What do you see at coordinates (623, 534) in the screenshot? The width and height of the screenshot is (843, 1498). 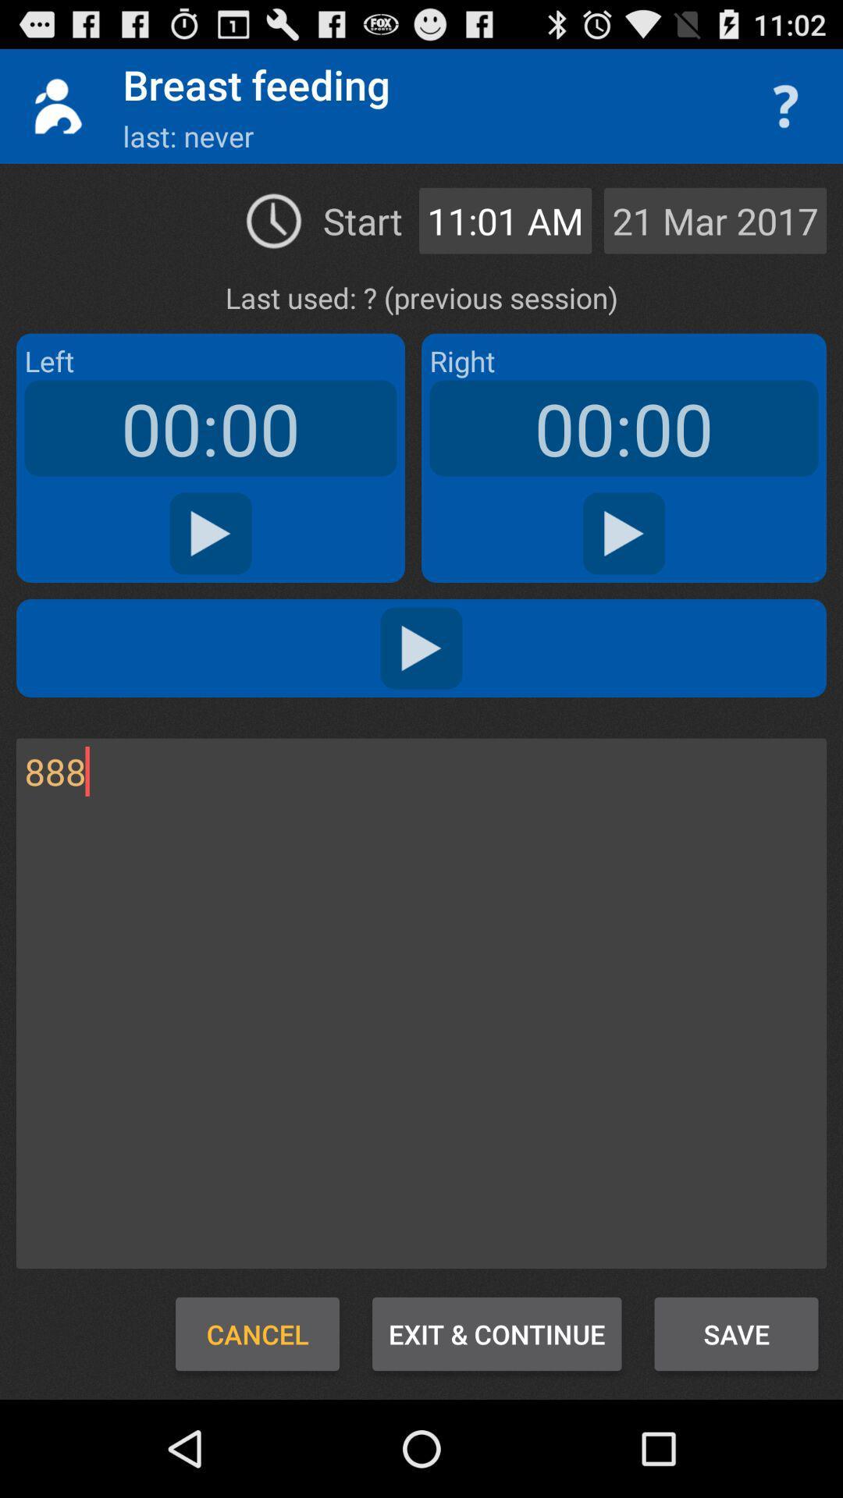 I see `right` at bounding box center [623, 534].